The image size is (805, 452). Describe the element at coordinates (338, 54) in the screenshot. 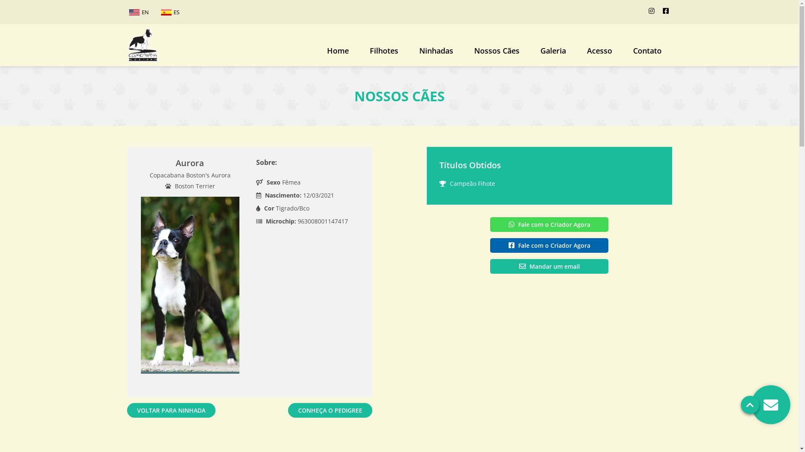

I see `'Home'` at that location.